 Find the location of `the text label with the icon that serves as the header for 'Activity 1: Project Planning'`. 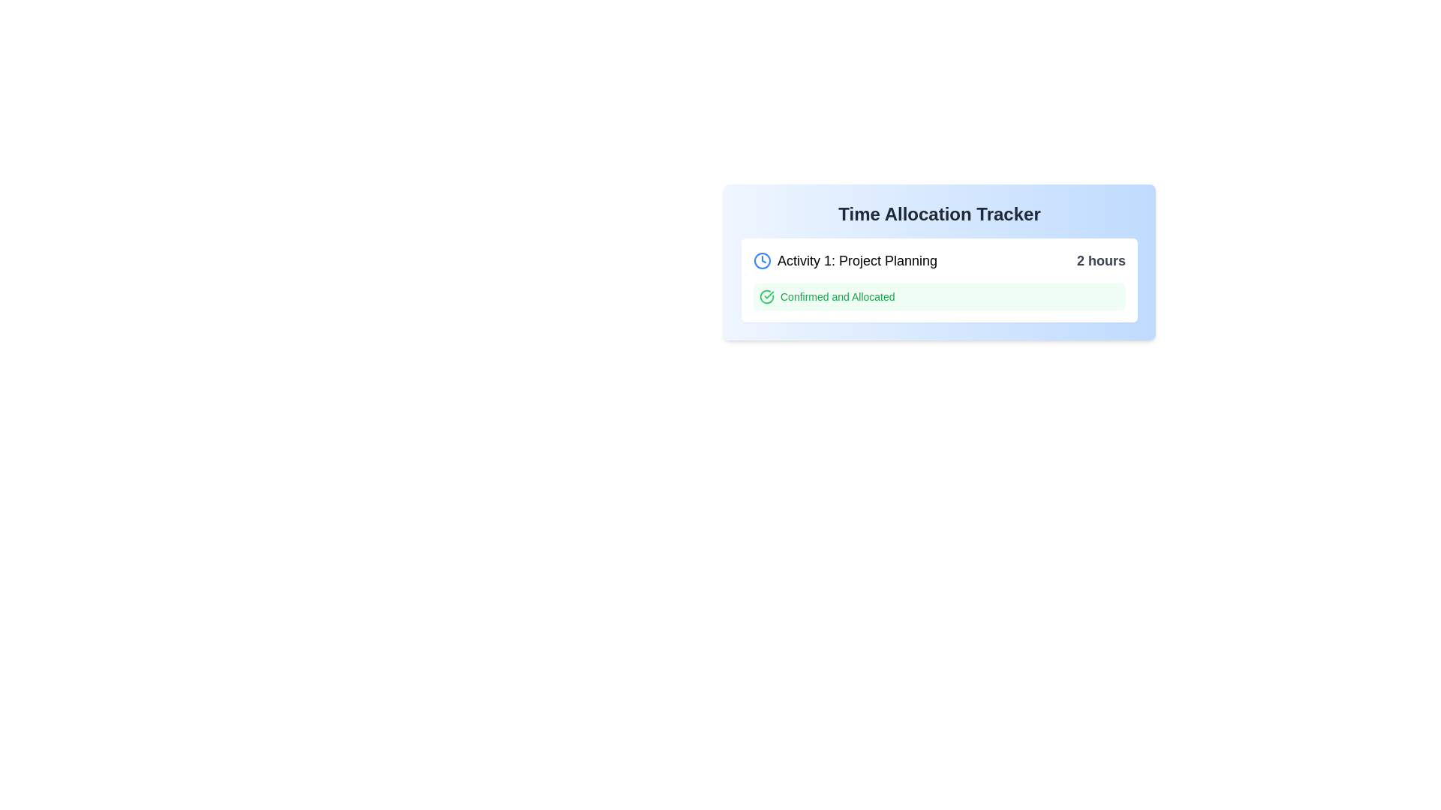

the text label with the icon that serves as the header for 'Activity 1: Project Planning' is located at coordinates (845, 259).